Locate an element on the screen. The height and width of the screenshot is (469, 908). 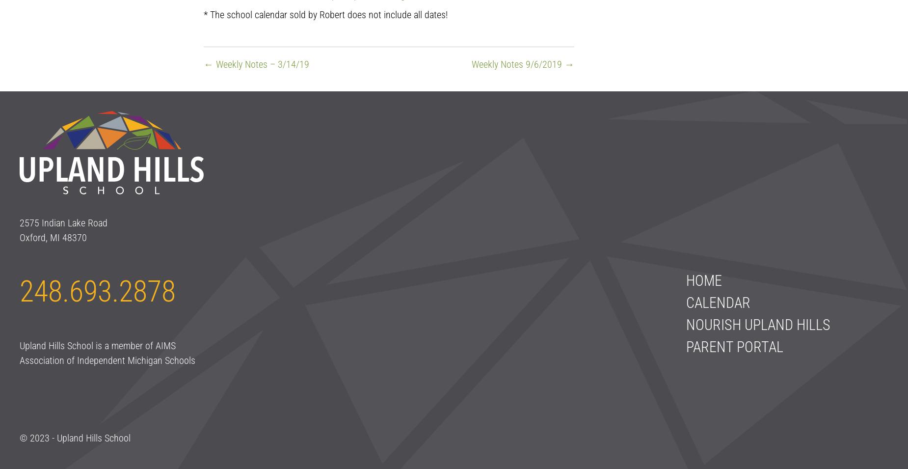
'NOURISH UPLAND HILLS' is located at coordinates (758, 324).